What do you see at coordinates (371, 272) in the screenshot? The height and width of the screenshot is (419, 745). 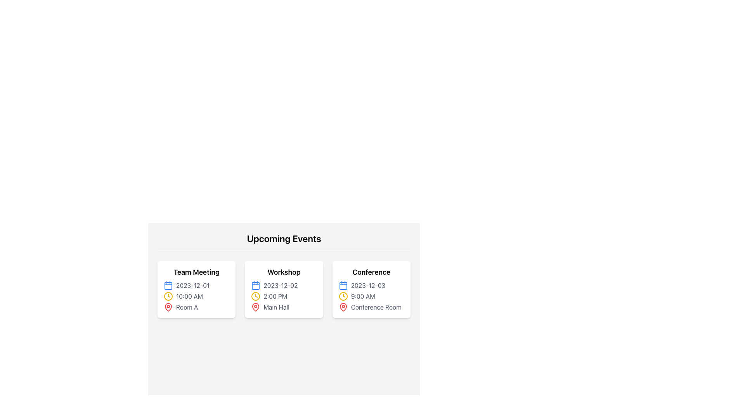 I see `the bold text label reading 'Conference' located at the top section of the rightmost card in the grid of upcoming events` at bounding box center [371, 272].